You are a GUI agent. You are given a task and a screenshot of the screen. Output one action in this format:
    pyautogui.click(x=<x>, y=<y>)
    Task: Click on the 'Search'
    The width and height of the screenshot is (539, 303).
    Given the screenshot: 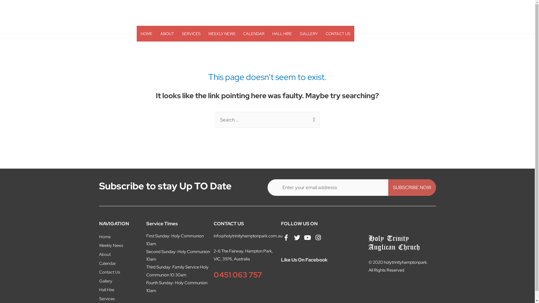 What is the action you would take?
    pyautogui.click(x=312, y=118)
    